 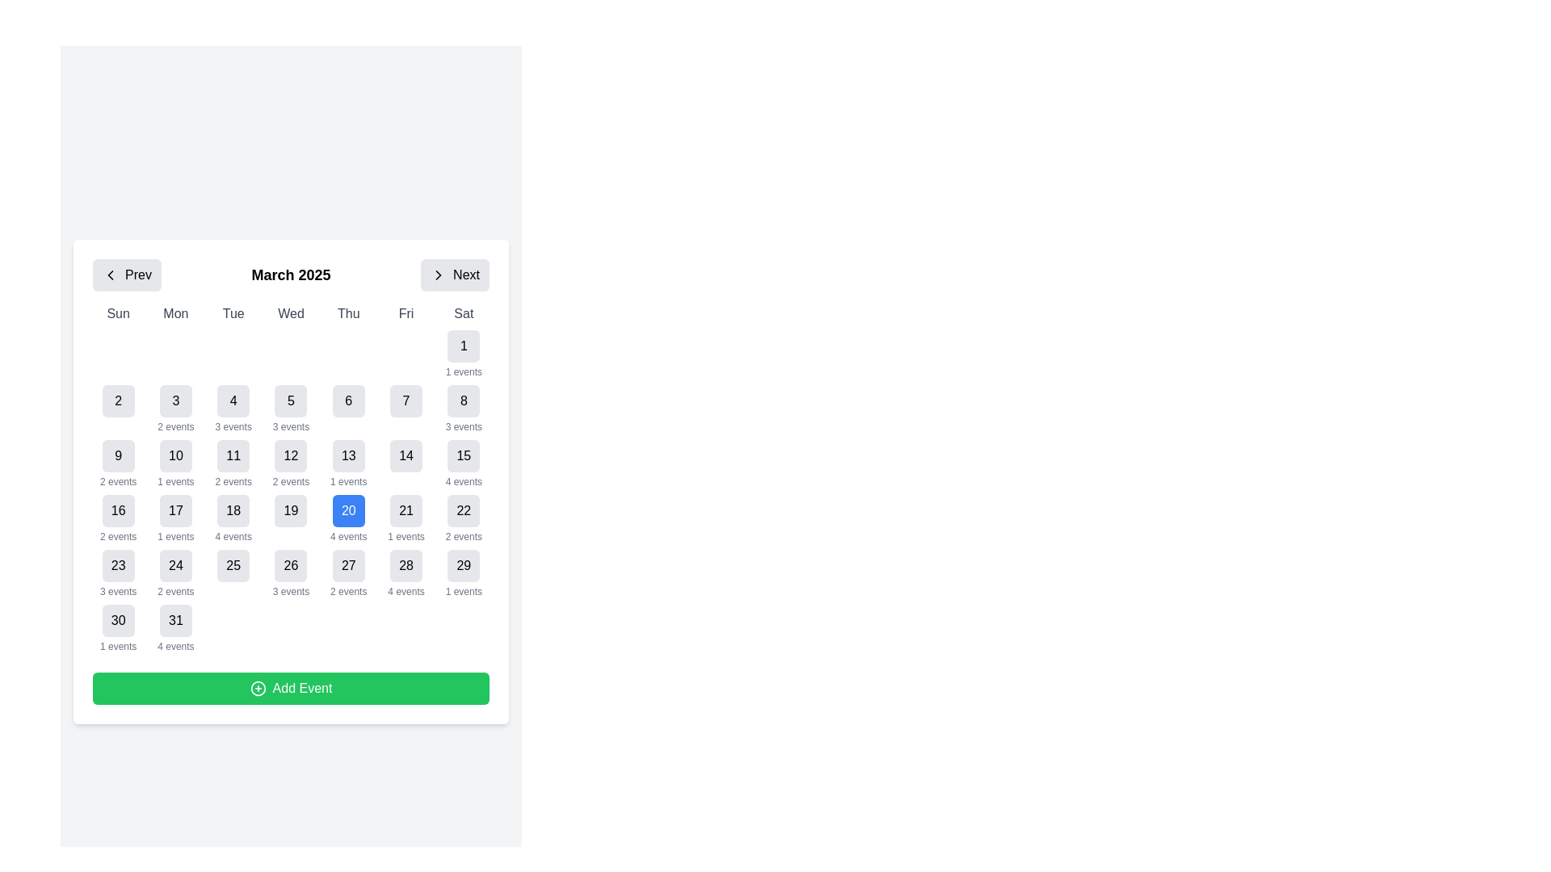 What do you see at coordinates (175, 426) in the screenshot?
I see `the text label that reads '2 events', which is located beneath the large button marked '3' in the calendar interface for March 2025` at bounding box center [175, 426].